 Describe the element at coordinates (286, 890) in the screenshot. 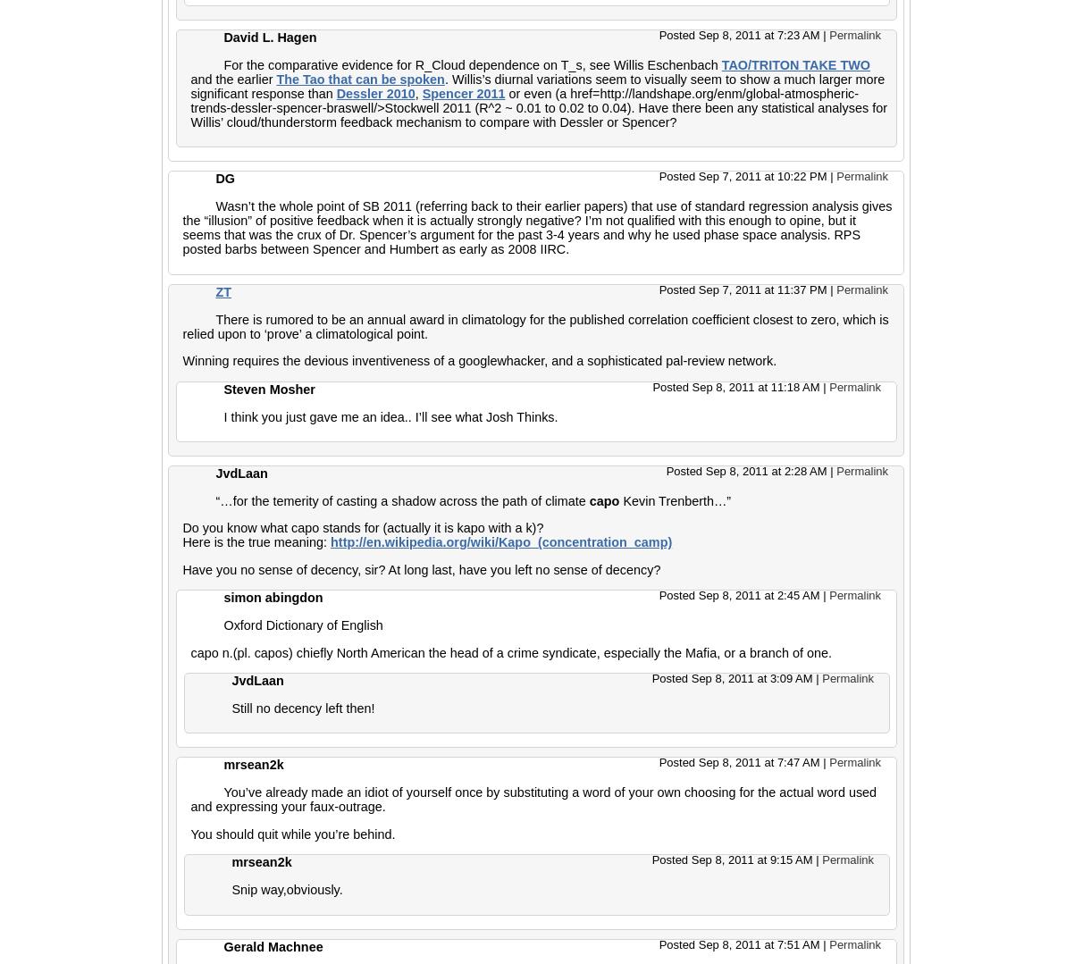

I see `'Snip way,obviously.'` at that location.